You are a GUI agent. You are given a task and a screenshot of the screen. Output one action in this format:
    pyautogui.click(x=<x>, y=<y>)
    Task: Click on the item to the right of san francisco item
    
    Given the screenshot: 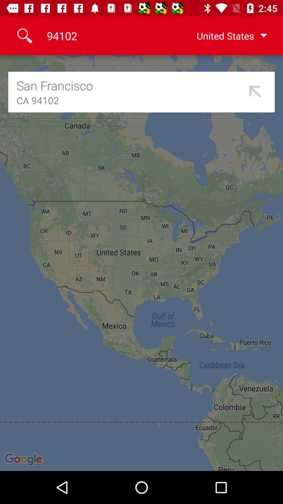 What is the action you would take?
    pyautogui.click(x=255, y=92)
    